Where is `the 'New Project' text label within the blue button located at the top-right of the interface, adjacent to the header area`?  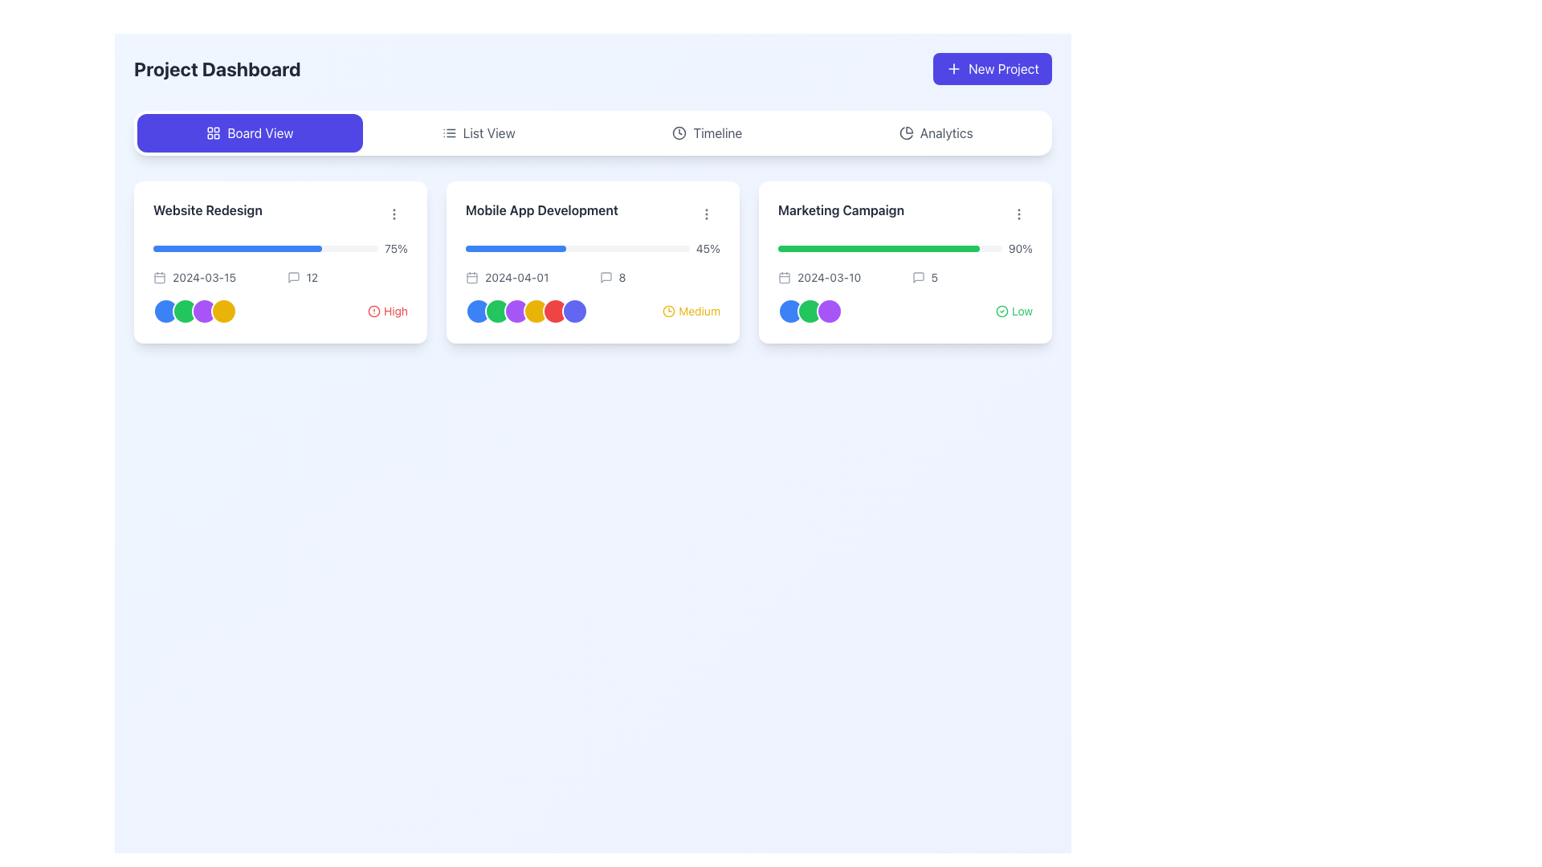
the 'New Project' text label within the blue button located at the top-right of the interface, adjacent to the header area is located at coordinates (1003, 67).